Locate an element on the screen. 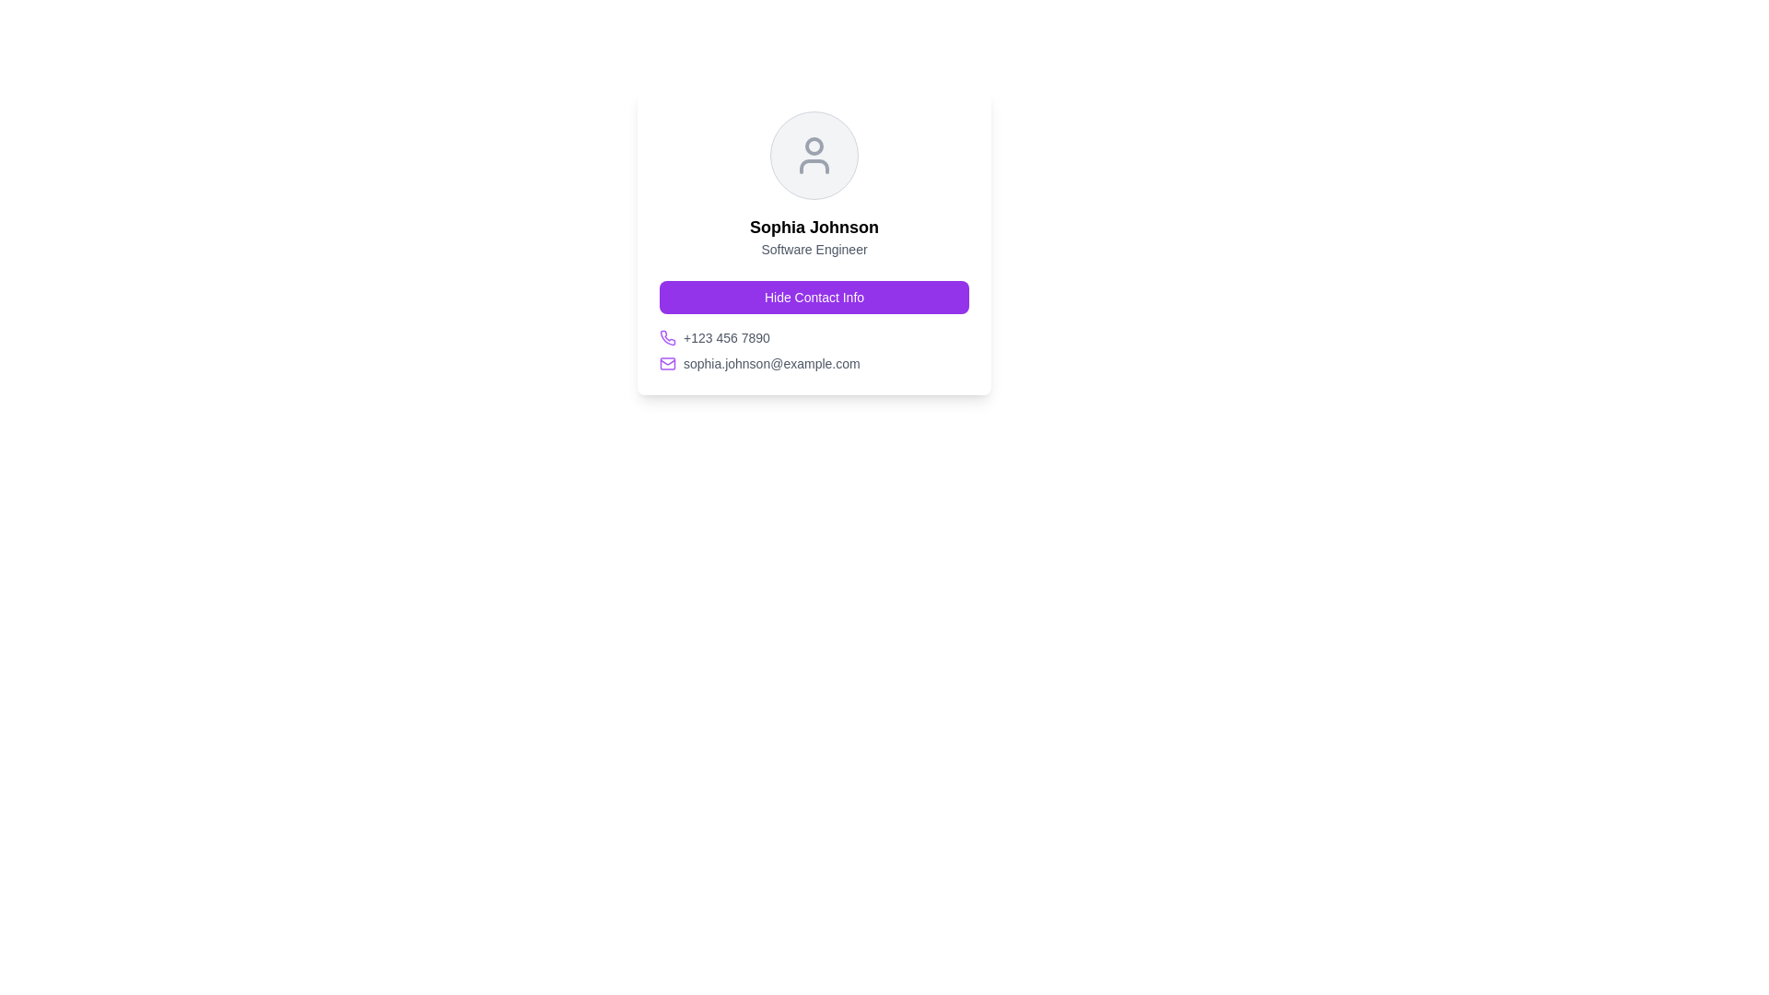 Image resolution: width=1769 pixels, height=995 pixels. the text label that reads 'Software Engineer' in gray font, located directly below 'Sophia Johnson' is located at coordinates (813, 249).